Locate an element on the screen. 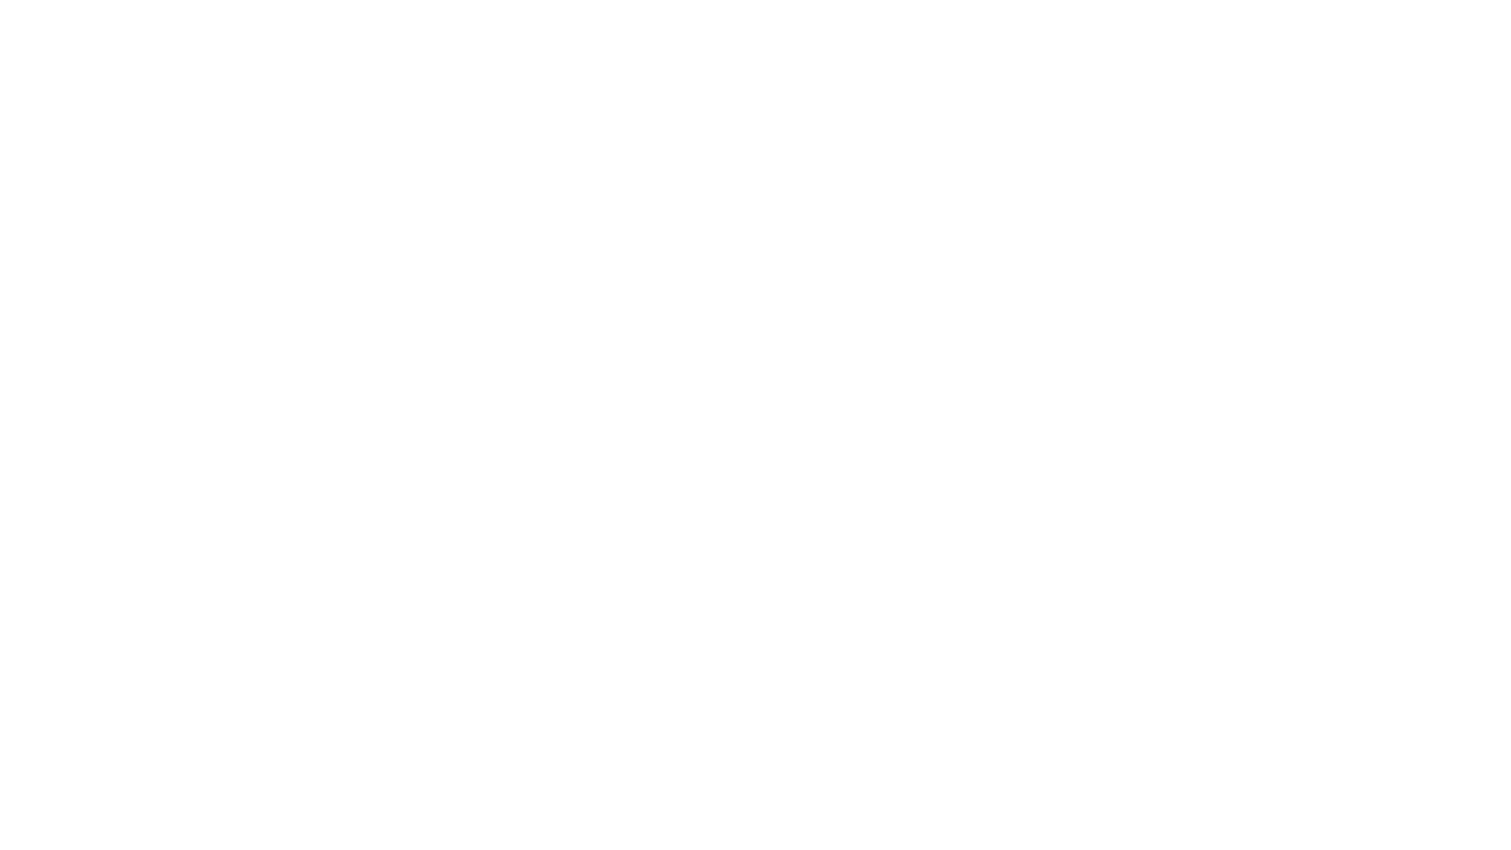 This screenshot has height=850, width=1511. Meta Portal is located at coordinates (739, 56).